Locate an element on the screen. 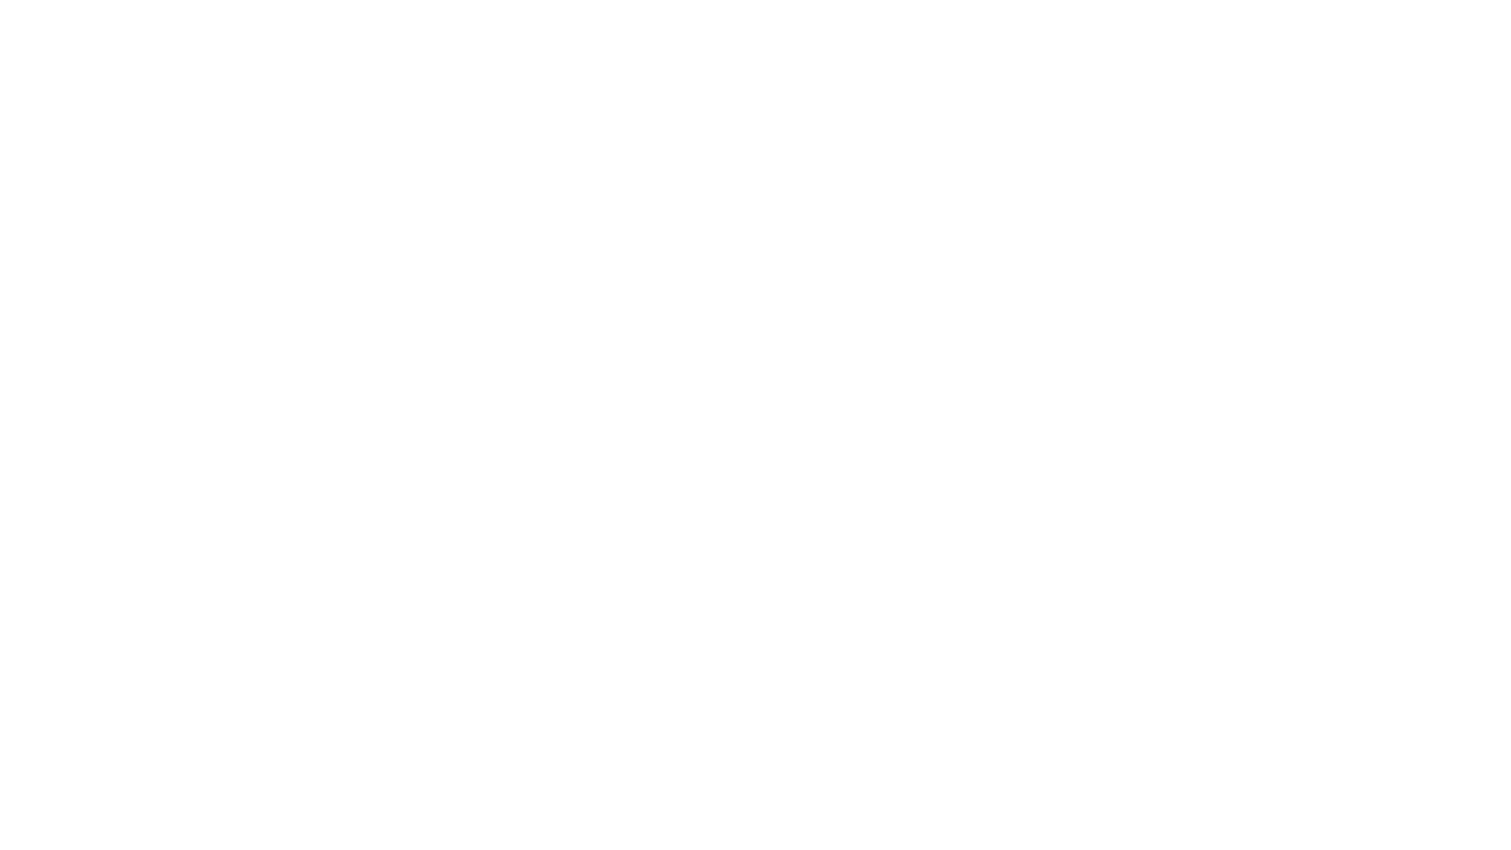 This screenshot has height=850, width=1511. Meta Portal is located at coordinates (739, 56).